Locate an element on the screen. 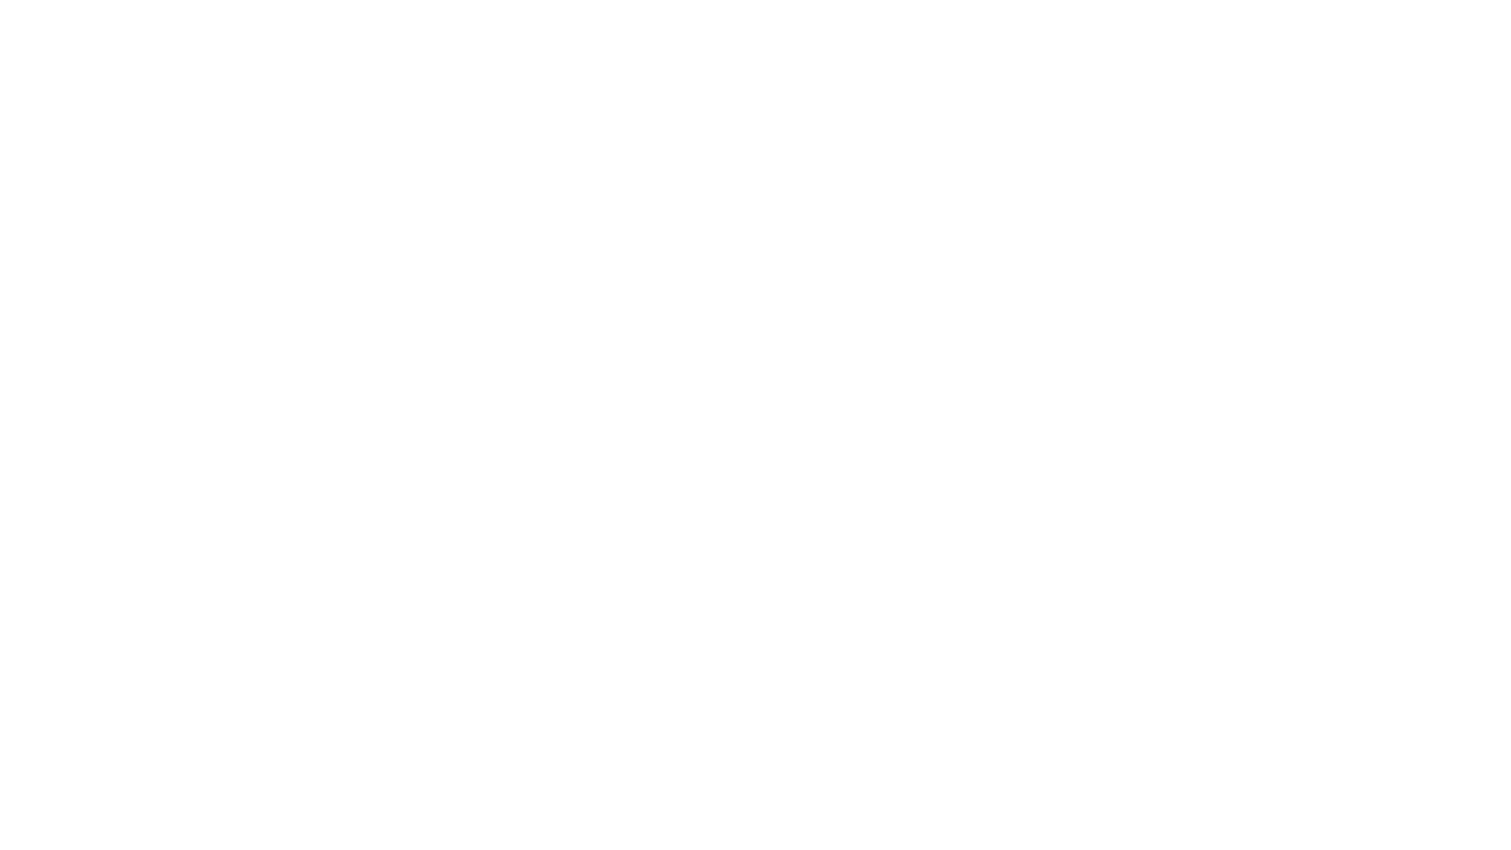 This screenshot has height=850, width=1511. Meta Portal is located at coordinates (739, 56).